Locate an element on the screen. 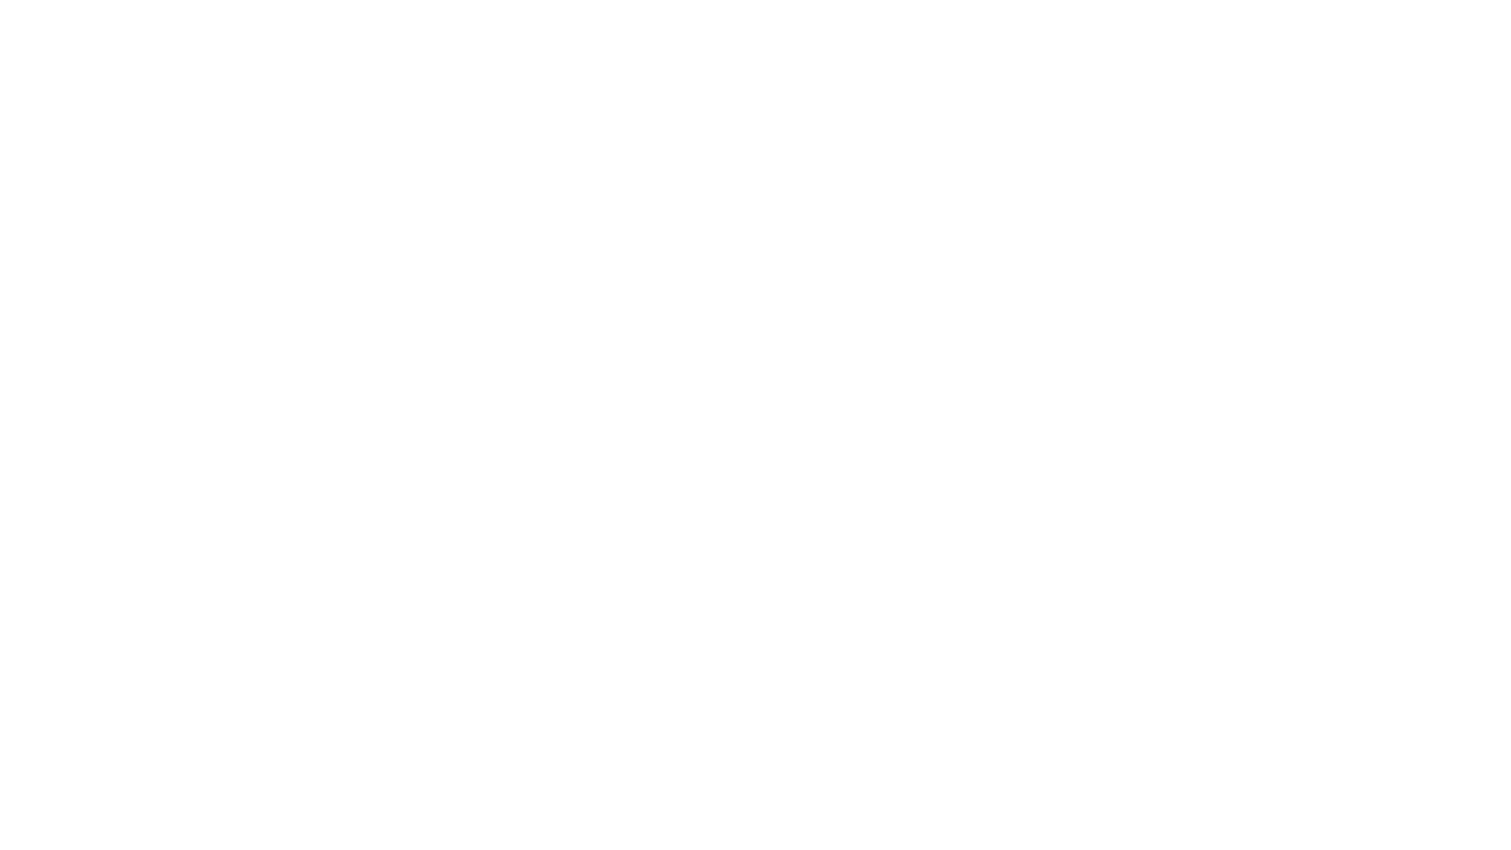 This screenshot has height=850, width=1511. Meta Portal is located at coordinates (739, 56).